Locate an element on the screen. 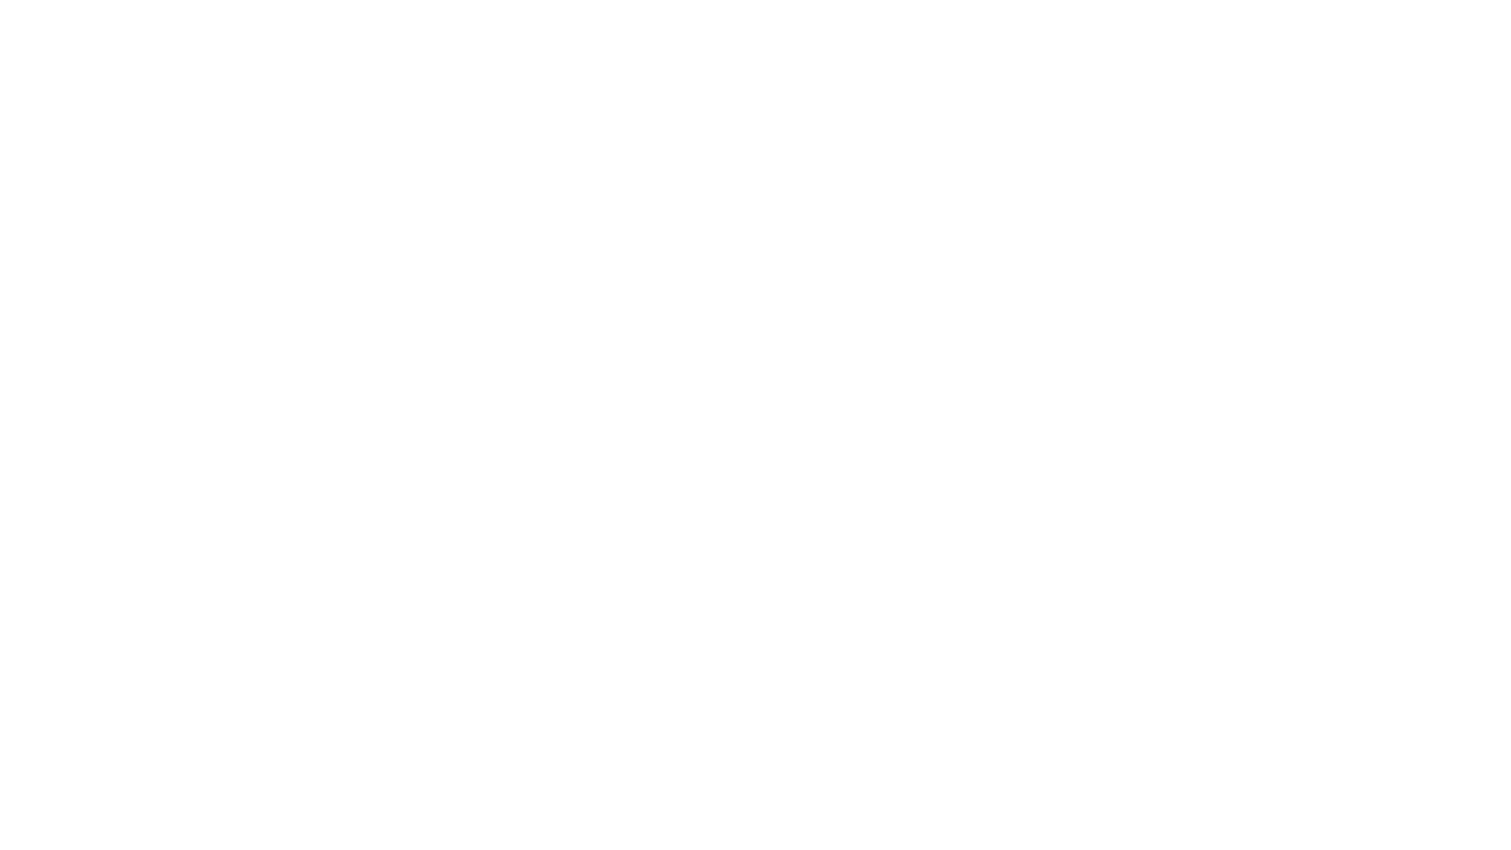 This screenshot has height=850, width=1511. Meta Portal is located at coordinates (739, 56).